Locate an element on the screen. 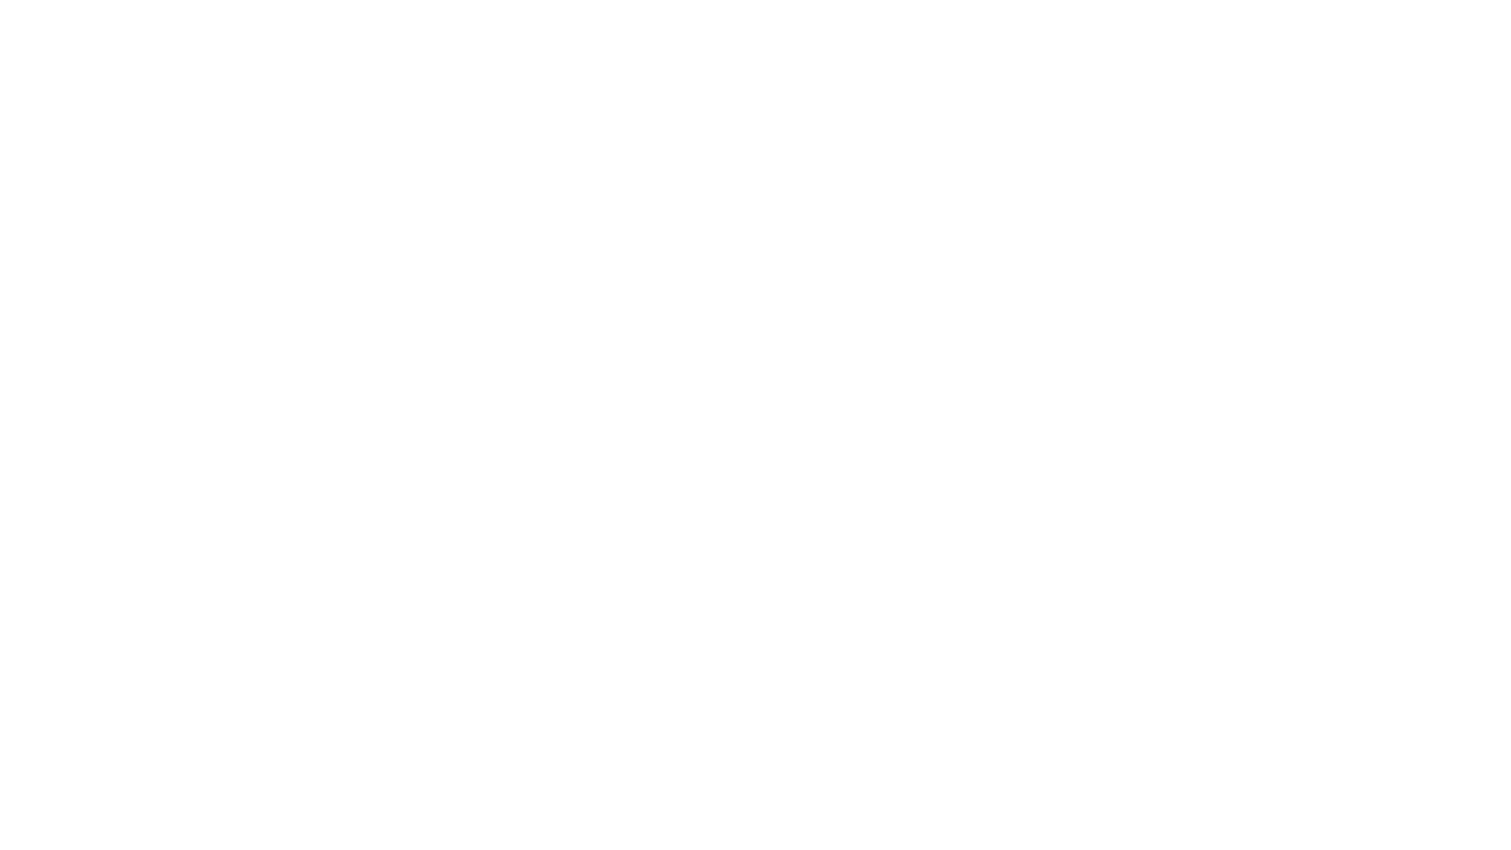 This screenshot has height=850, width=1511. Meta Portal is located at coordinates (739, 56).